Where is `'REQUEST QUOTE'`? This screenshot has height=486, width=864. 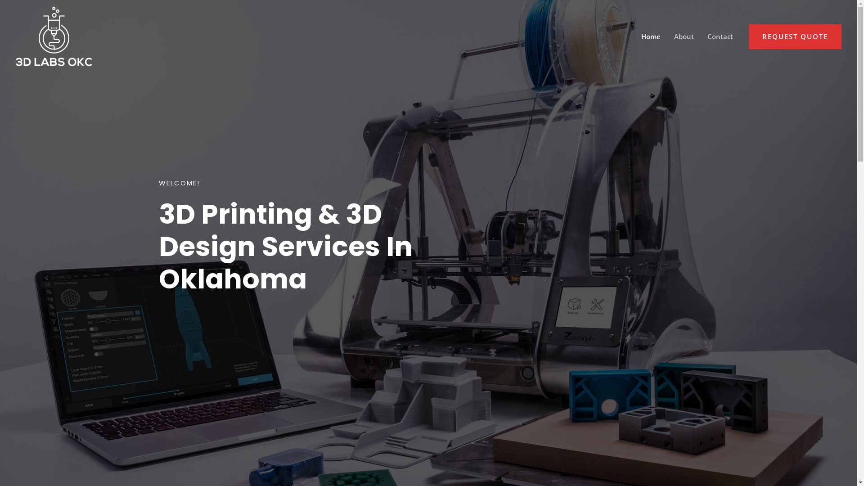 'REQUEST QUOTE' is located at coordinates (795, 36).